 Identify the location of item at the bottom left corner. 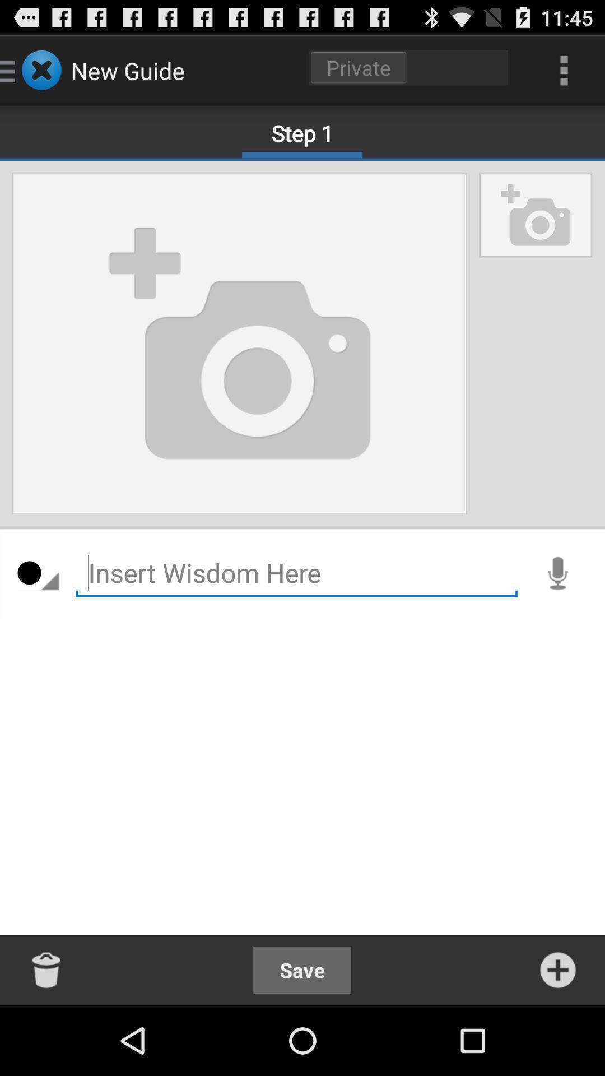
(46, 970).